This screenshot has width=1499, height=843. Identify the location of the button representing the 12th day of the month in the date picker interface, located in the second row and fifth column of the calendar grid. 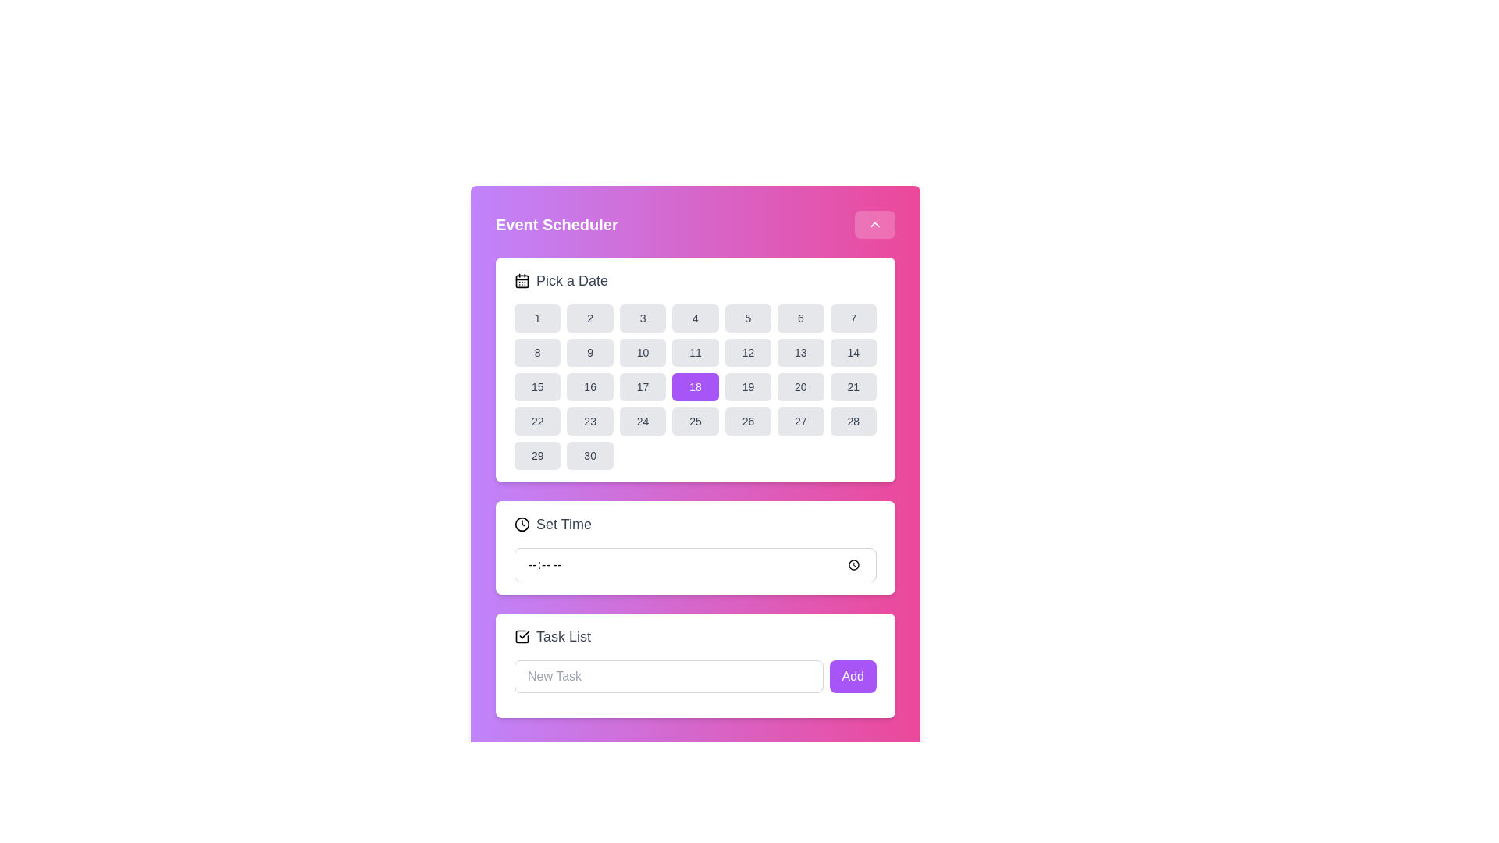
(747, 352).